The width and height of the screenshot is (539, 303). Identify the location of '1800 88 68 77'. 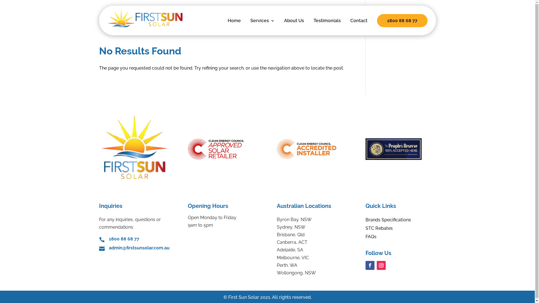
(401, 20).